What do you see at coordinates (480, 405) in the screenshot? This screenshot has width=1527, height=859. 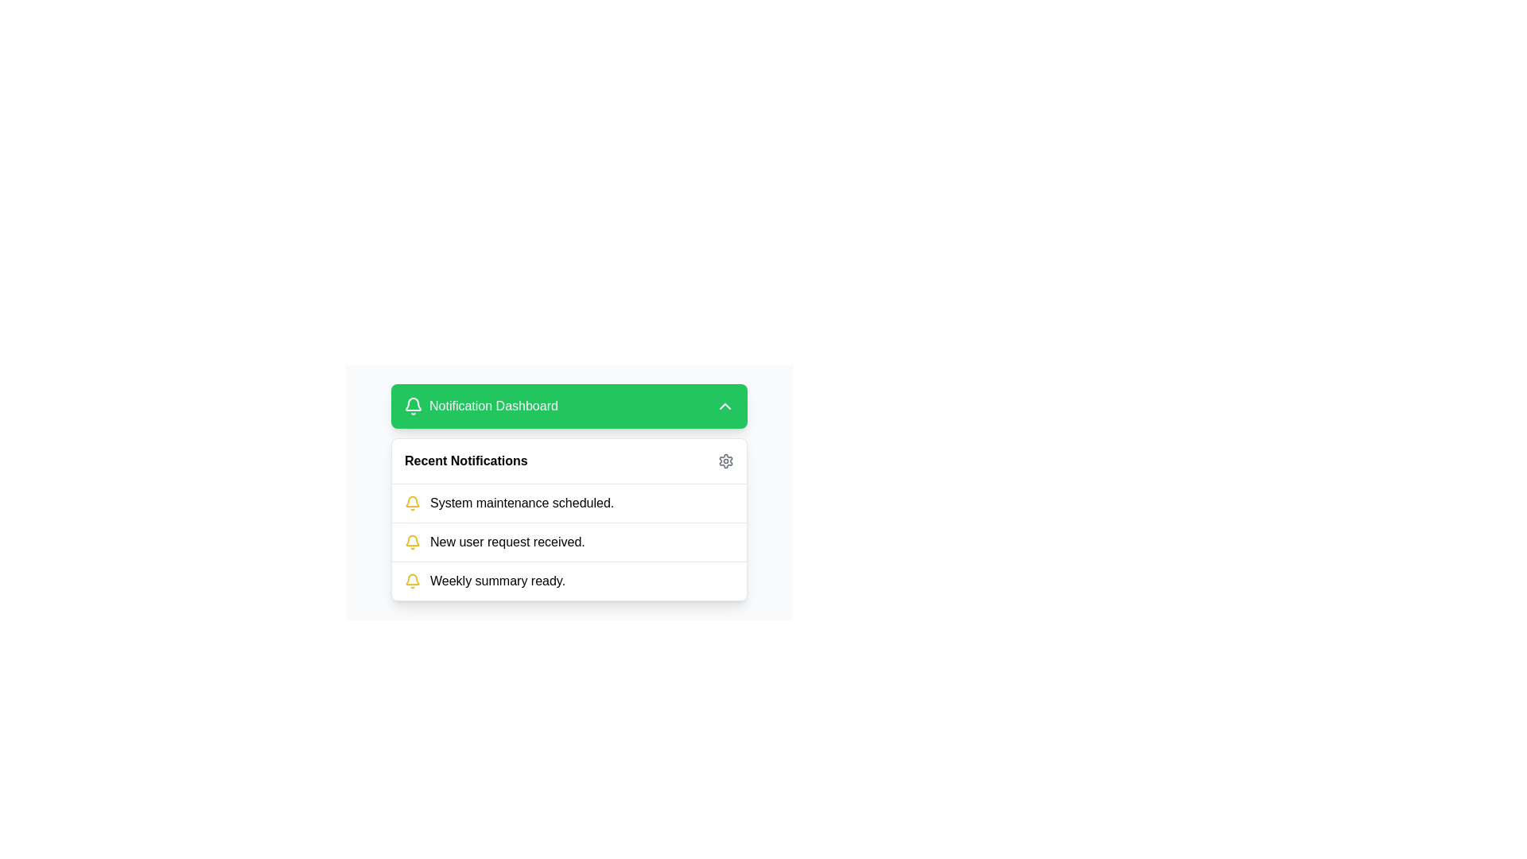 I see `displayed text of the Notification Dashboard header, which includes a bell icon and the text 'Notification Dashboard'` at bounding box center [480, 405].